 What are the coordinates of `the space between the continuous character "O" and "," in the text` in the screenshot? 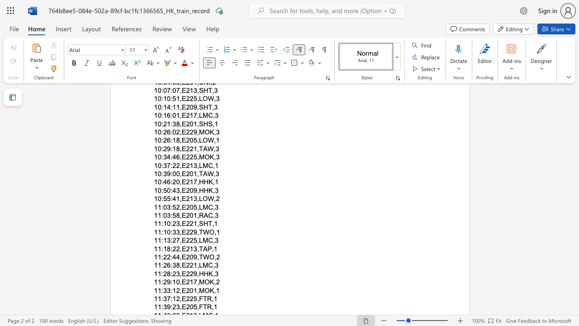 It's located at (213, 231).